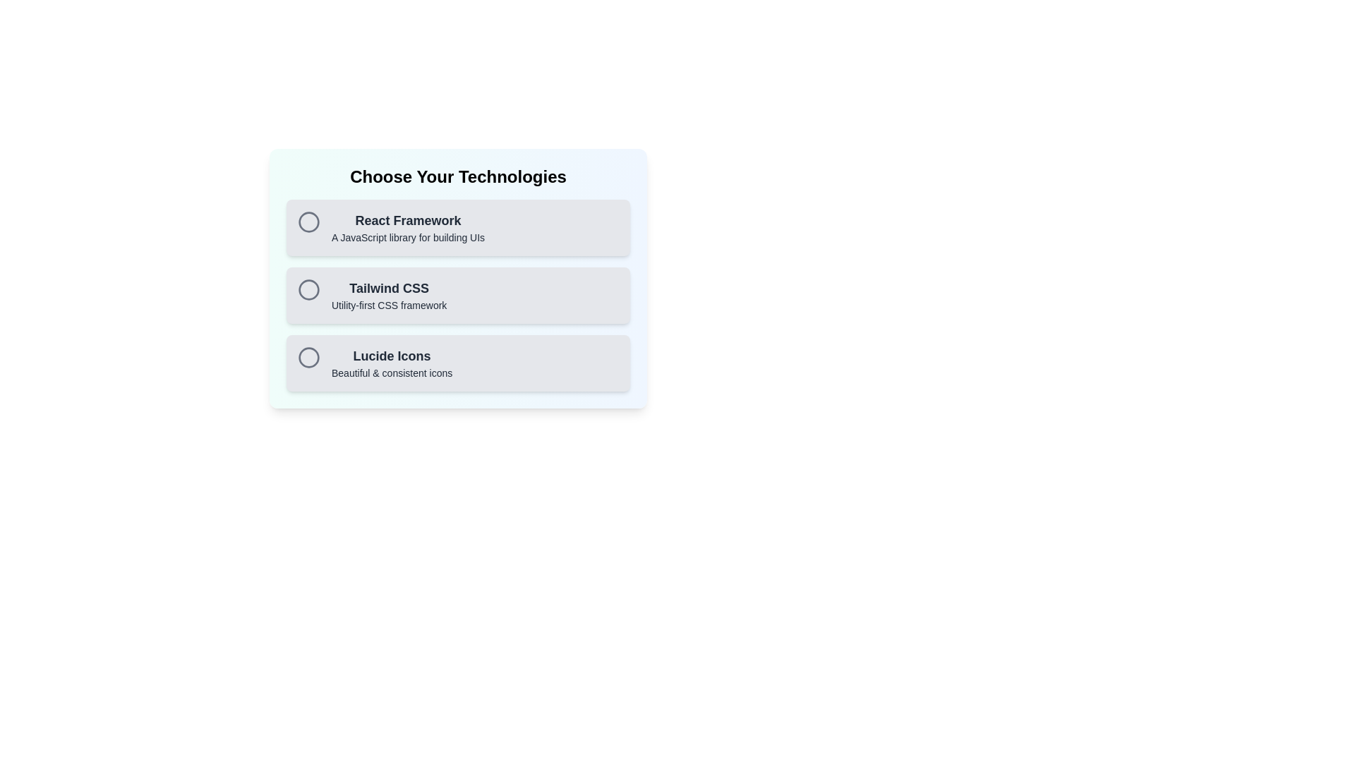 The height and width of the screenshot is (762, 1355). I want to click on the chip labeled React Framework to observe visual feedback, so click(458, 227).